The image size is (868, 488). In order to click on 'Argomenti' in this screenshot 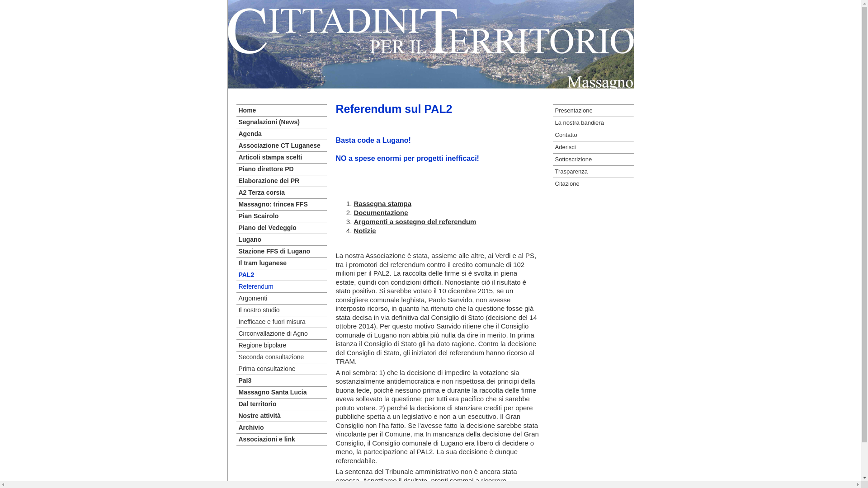, I will do `click(236, 298)`.